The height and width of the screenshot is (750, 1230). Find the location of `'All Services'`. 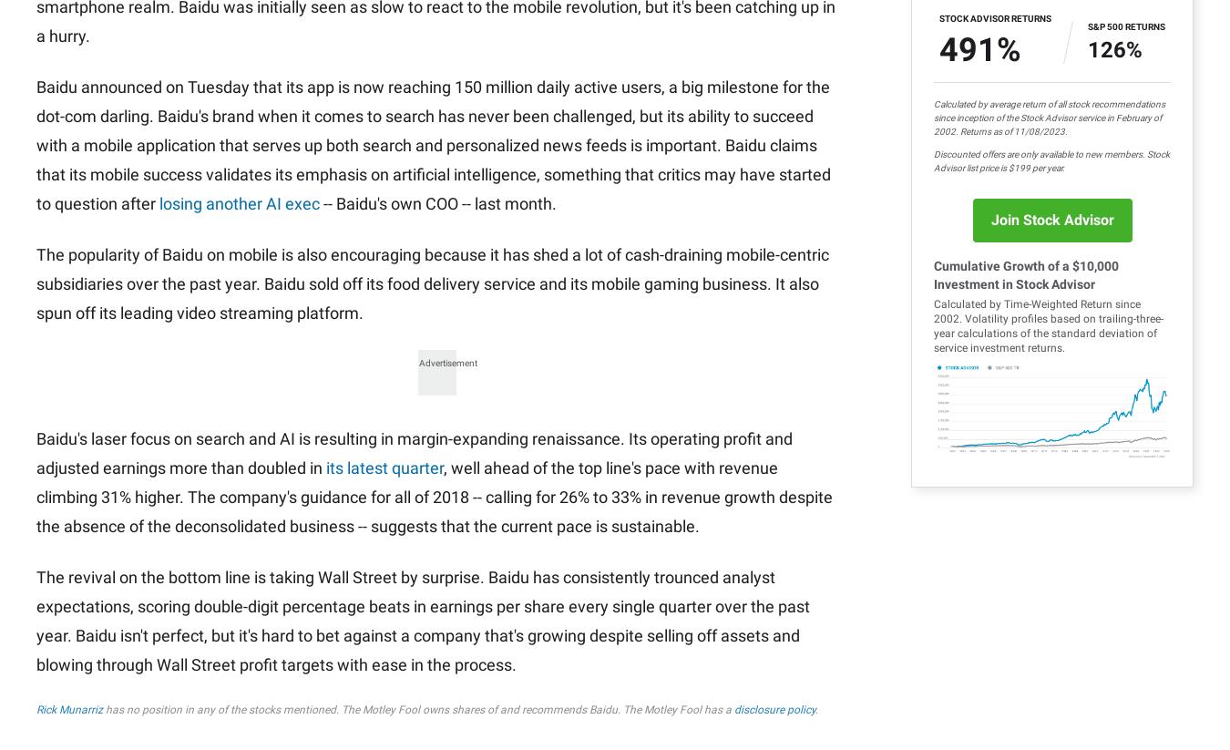

'All Services' is located at coordinates (555, 228).